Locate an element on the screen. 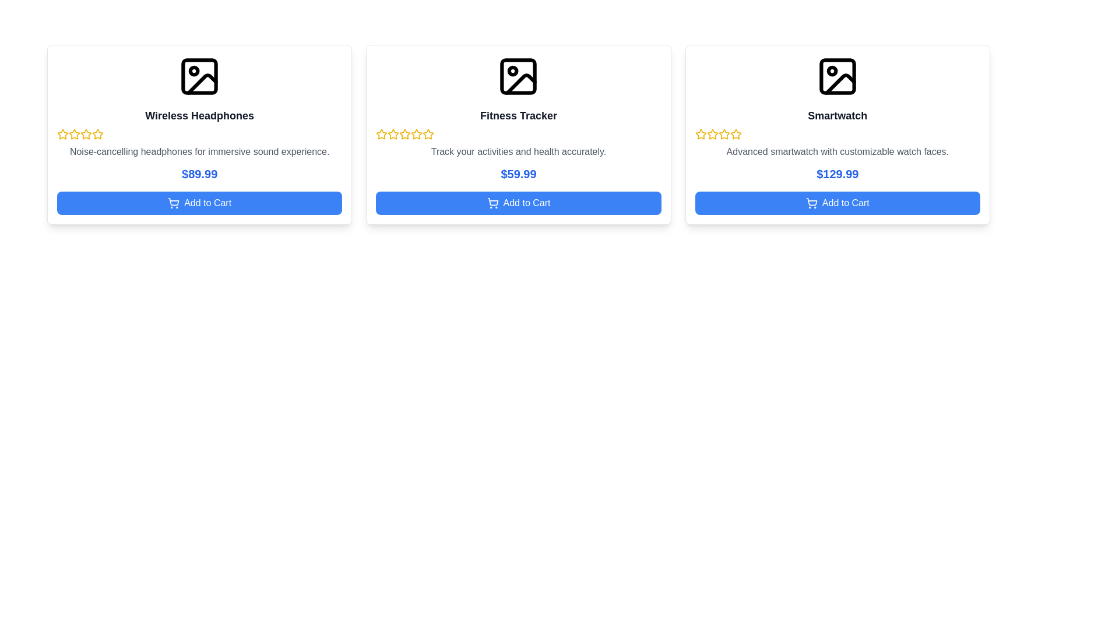  the shopping cart icon inside the 'Add to Cart' button located in the Fitness Tracker card, positioned towards the left side is located at coordinates (492, 202).